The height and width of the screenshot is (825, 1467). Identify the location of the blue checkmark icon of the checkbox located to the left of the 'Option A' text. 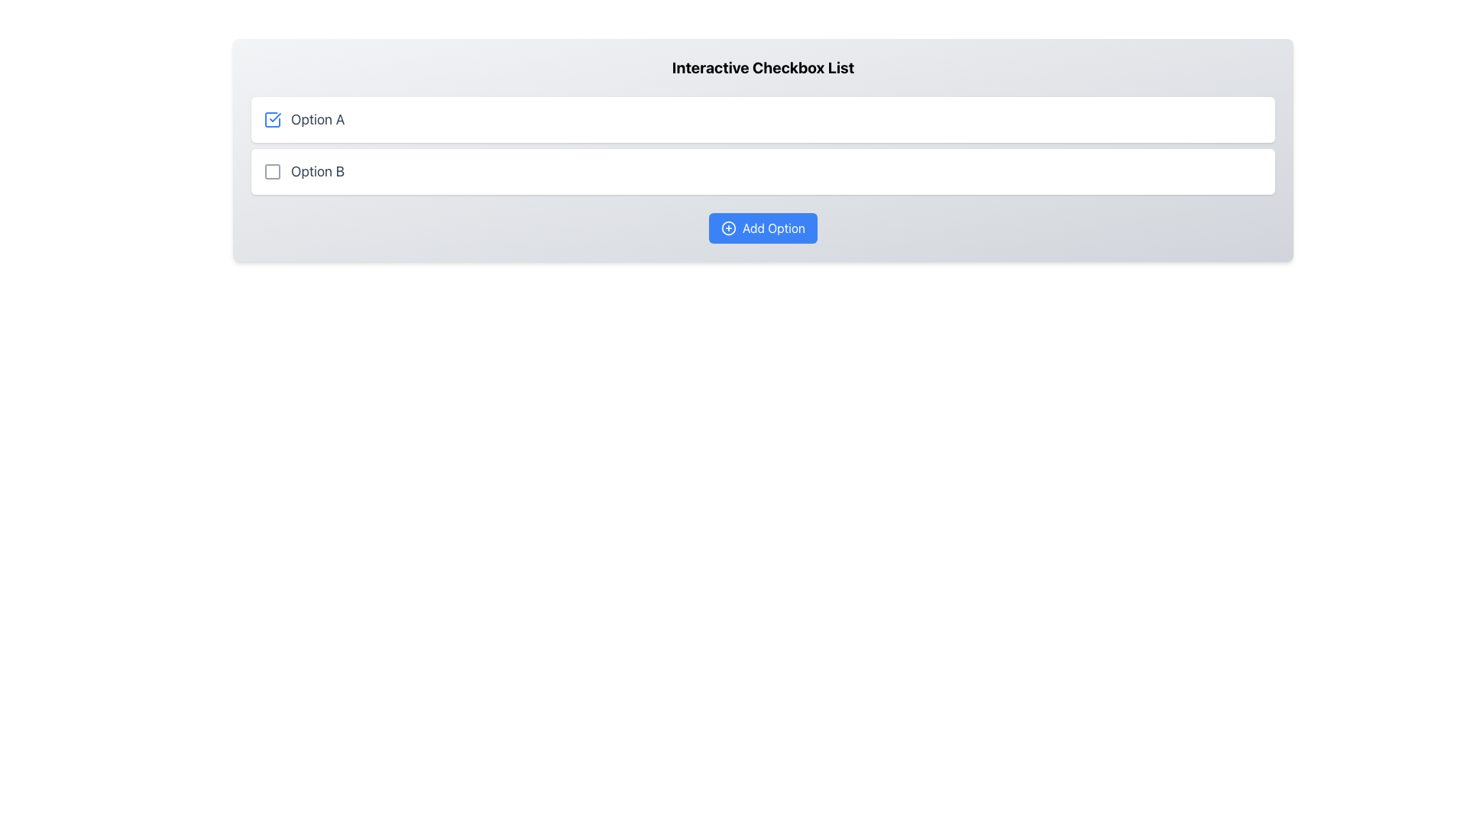
(272, 119).